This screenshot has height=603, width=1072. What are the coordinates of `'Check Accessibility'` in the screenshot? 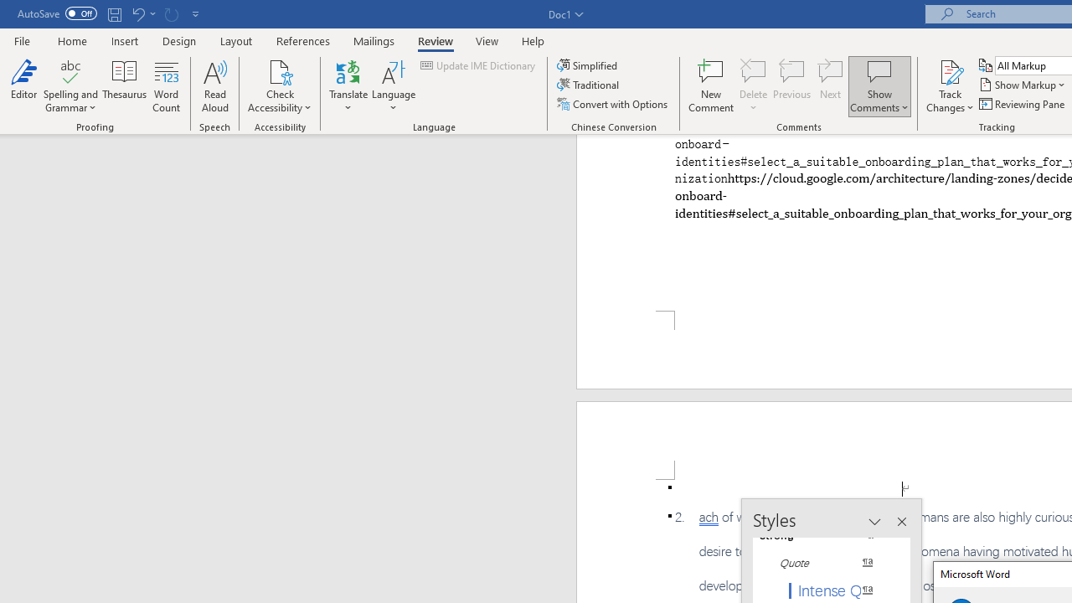 It's located at (280, 70).